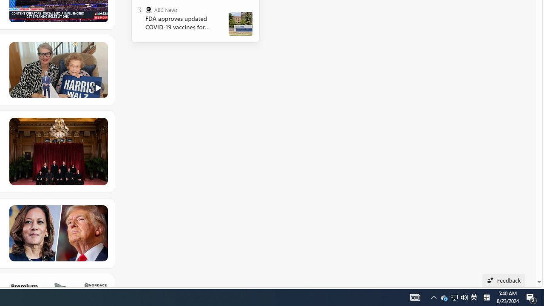  What do you see at coordinates (57, 70) in the screenshot?
I see `'Class: hero-image'` at bounding box center [57, 70].